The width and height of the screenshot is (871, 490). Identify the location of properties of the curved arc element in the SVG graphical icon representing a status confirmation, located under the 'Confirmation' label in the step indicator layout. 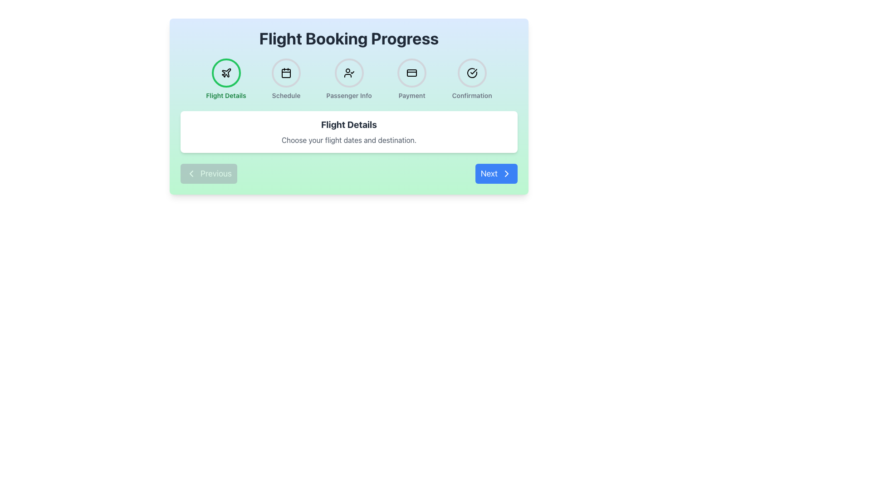
(472, 73).